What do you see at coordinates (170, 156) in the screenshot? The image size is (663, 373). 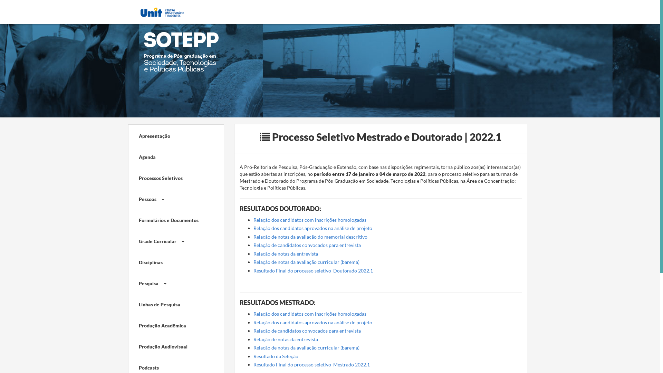 I see `'Agenda'` at bounding box center [170, 156].